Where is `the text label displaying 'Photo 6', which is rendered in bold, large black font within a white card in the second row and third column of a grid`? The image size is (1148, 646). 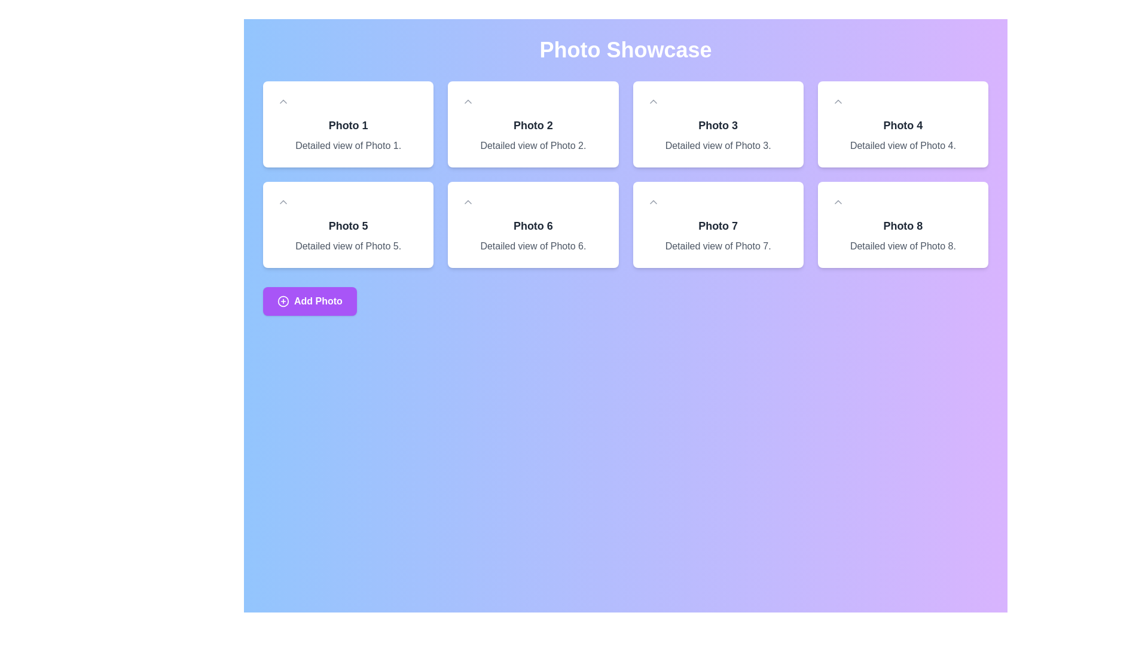
the text label displaying 'Photo 6', which is rendered in bold, large black font within a white card in the second row and third column of a grid is located at coordinates (532, 226).